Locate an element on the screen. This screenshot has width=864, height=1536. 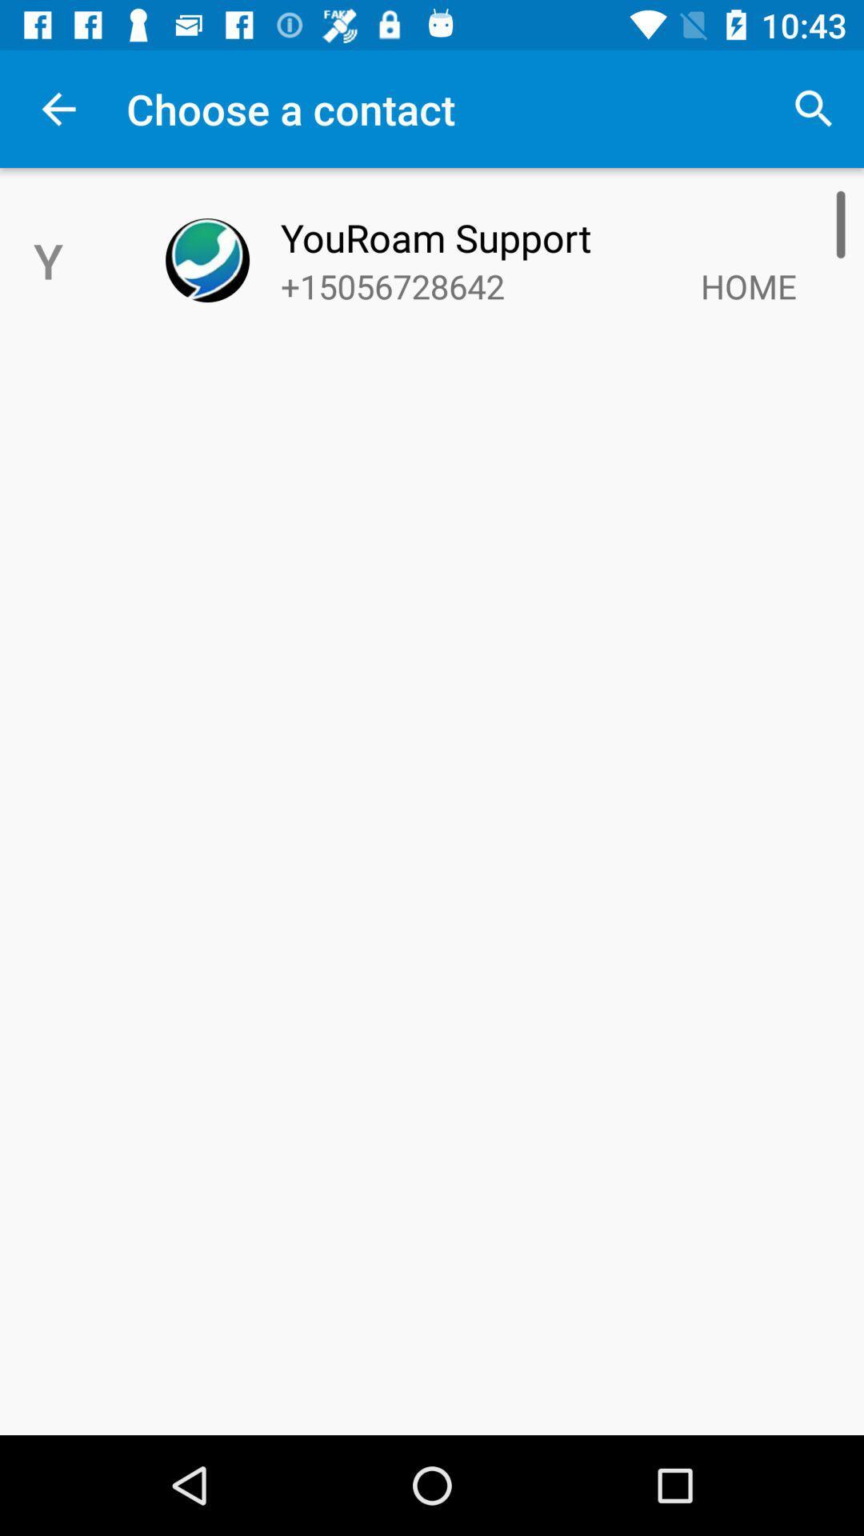
app above y app is located at coordinates (58, 108).